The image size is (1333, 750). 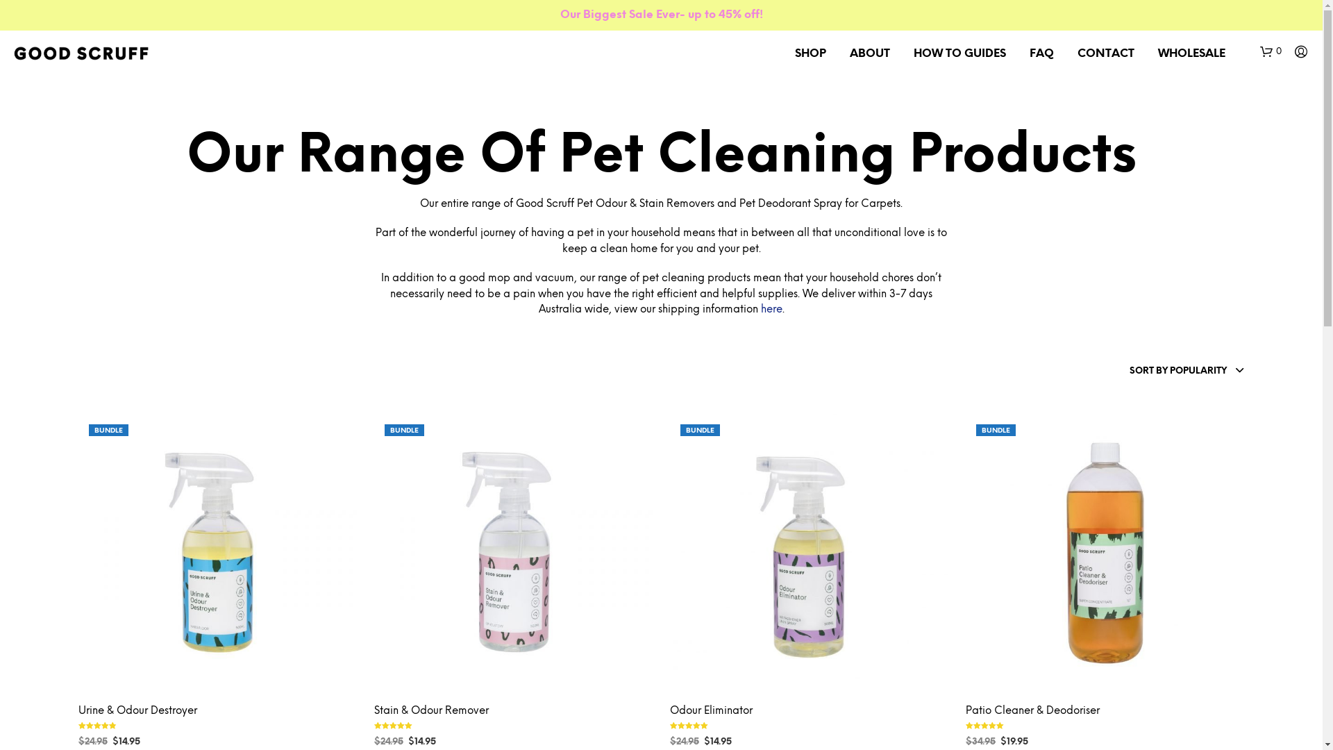 What do you see at coordinates (560, 15) in the screenshot?
I see `'Our Biggest Sale Ever- up to 45% off!'` at bounding box center [560, 15].